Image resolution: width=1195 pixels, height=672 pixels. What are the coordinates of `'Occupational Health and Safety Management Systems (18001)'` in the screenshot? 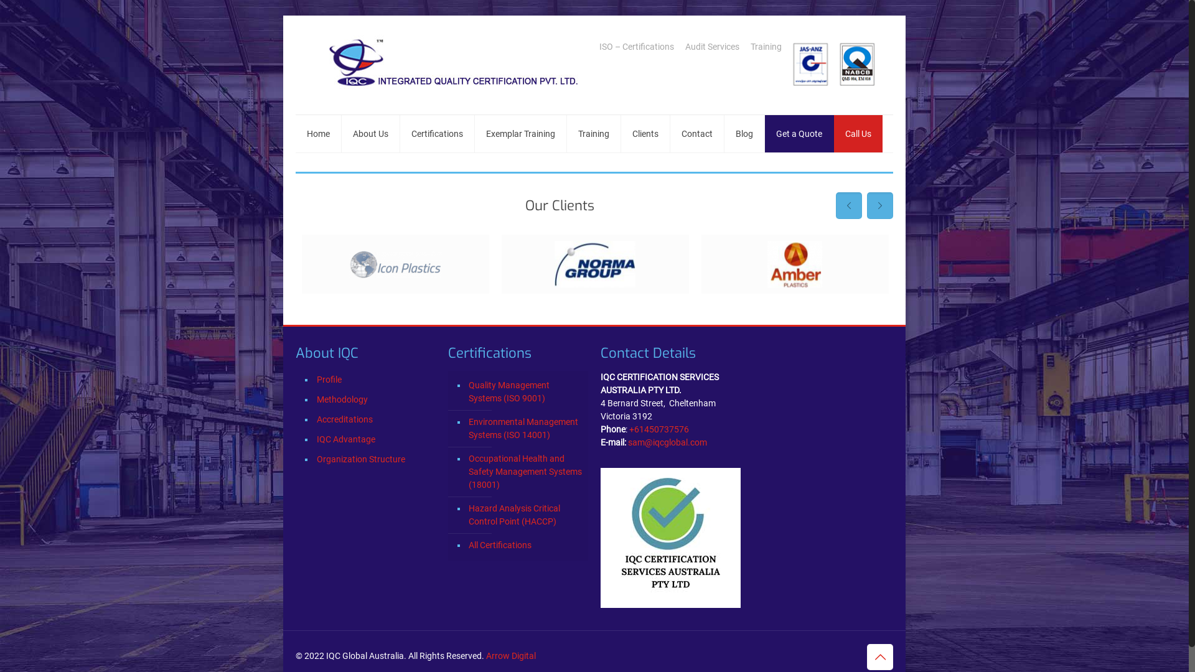 It's located at (524, 472).